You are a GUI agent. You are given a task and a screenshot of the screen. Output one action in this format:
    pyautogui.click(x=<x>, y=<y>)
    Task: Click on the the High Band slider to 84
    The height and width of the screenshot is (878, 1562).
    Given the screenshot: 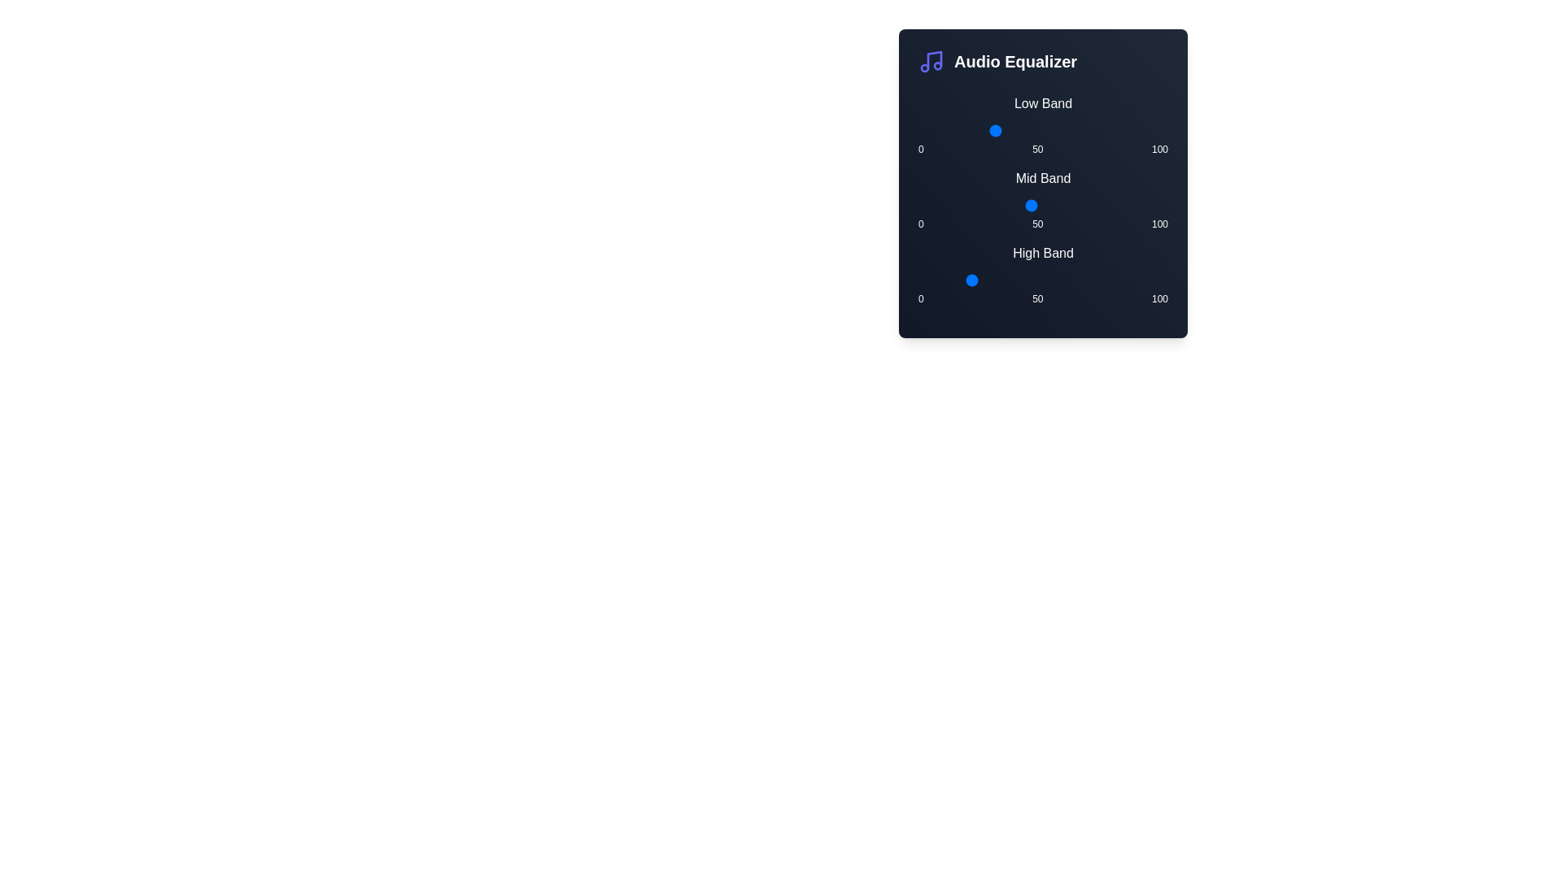 What is the action you would take?
    pyautogui.click(x=1127, y=279)
    